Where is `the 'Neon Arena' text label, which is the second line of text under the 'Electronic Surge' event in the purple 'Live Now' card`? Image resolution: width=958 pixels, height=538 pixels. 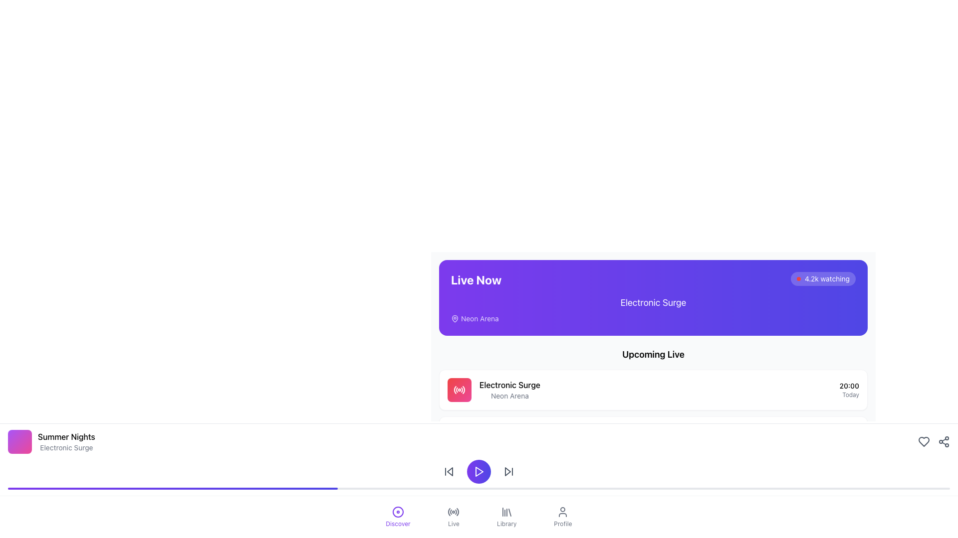 the 'Neon Arena' text label, which is the second line of text under the 'Electronic Surge' event in the purple 'Live Now' card is located at coordinates (510, 395).